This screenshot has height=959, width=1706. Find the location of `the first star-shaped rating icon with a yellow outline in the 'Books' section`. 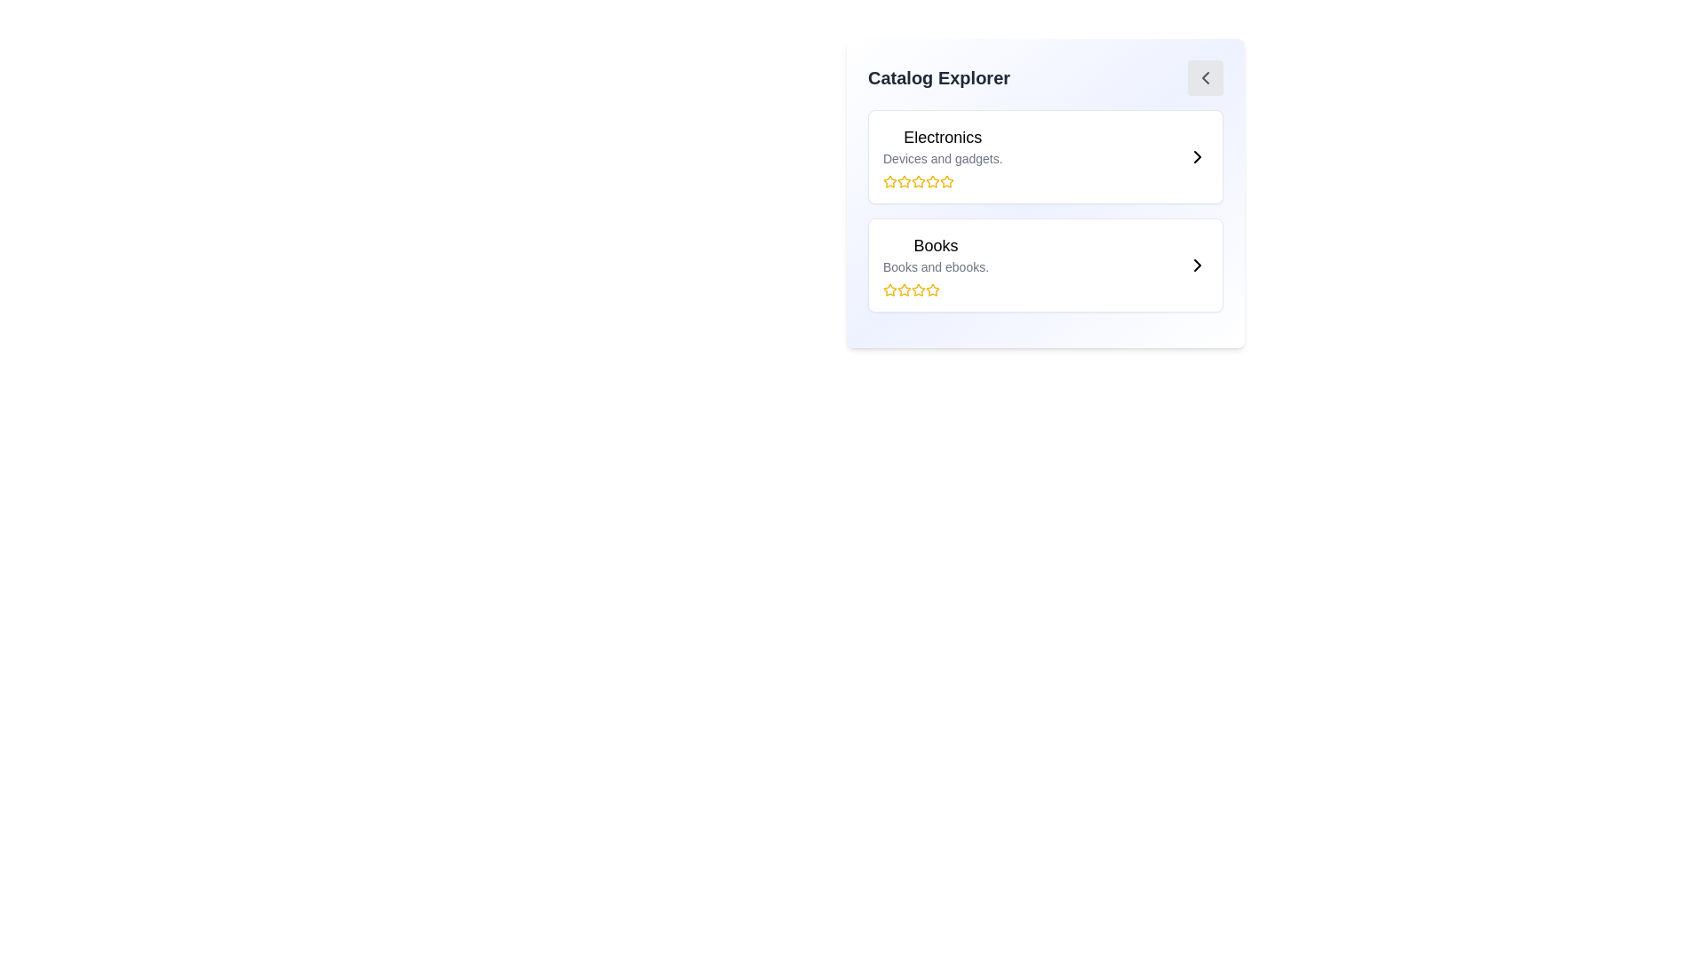

the first star-shaped rating icon with a yellow outline in the 'Books' section is located at coordinates (890, 289).